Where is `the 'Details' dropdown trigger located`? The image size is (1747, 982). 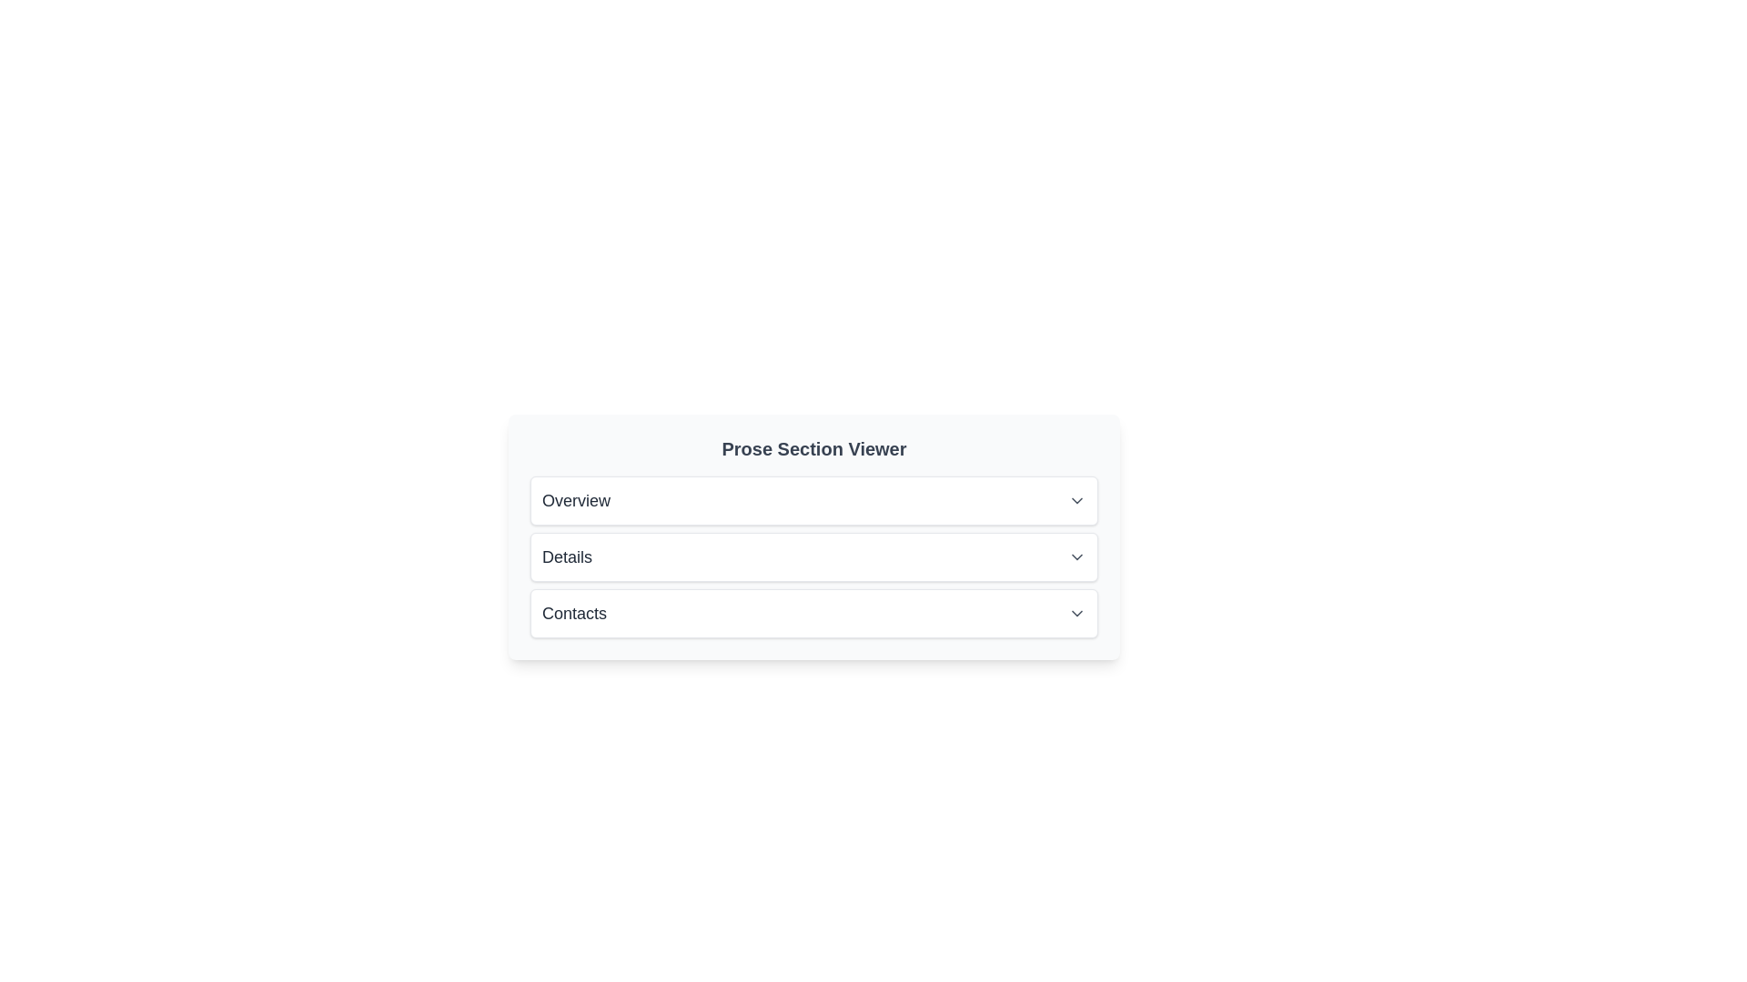 the 'Details' dropdown trigger located is located at coordinates (813, 556).